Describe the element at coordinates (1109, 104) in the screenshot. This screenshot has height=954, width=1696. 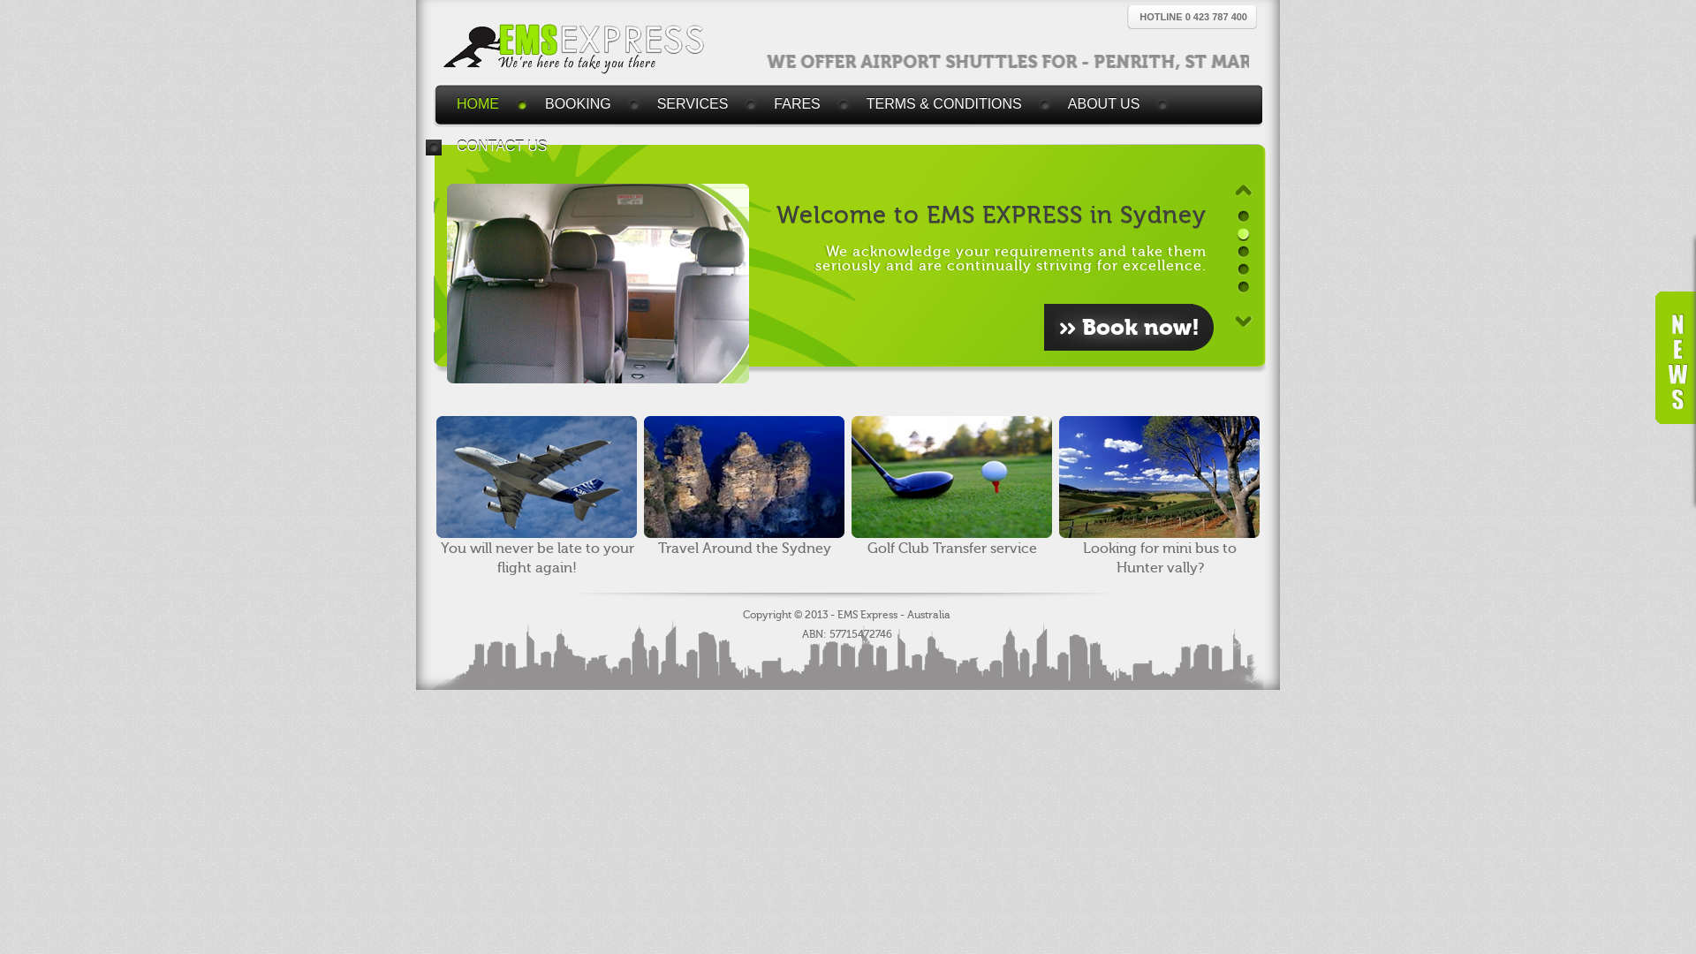
I see `'ABOUT US'` at that location.